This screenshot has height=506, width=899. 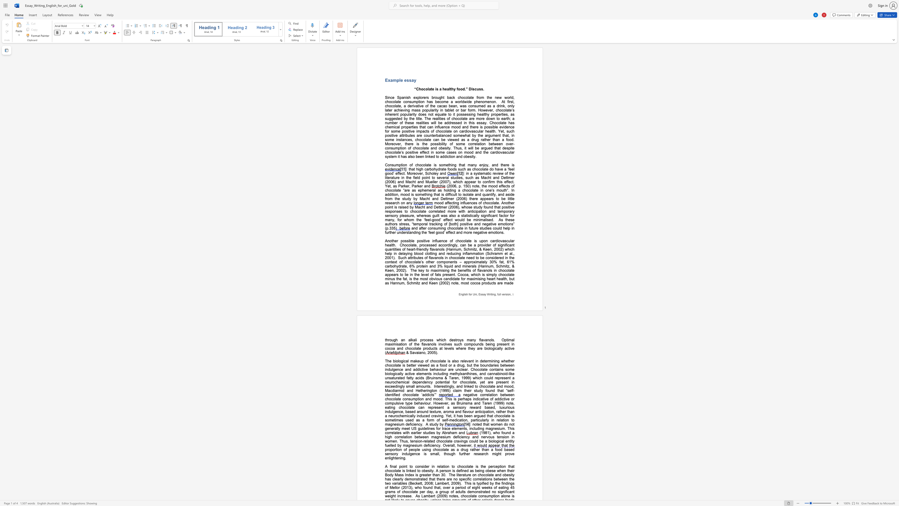 What do you see at coordinates (428, 164) in the screenshot?
I see `the subset text "te is somethin" within the text "Consumption of chocolate is something that many enjoy, and there is"` at bounding box center [428, 164].